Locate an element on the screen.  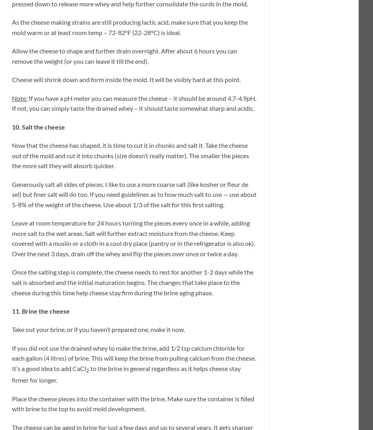
'As the cheese making strains are still producing lactic acid, make sure that you keep the mold warm or at least room temp – 72-82°F (22-28°C) is ideal.' is located at coordinates (130, 26).